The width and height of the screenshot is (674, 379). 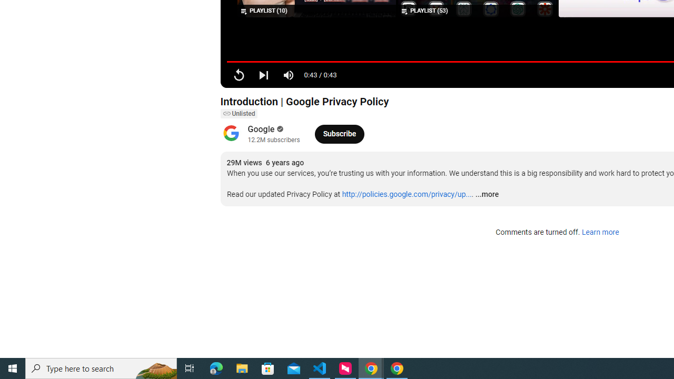 I want to click on 'Pause (k)', so click(x=238, y=74).